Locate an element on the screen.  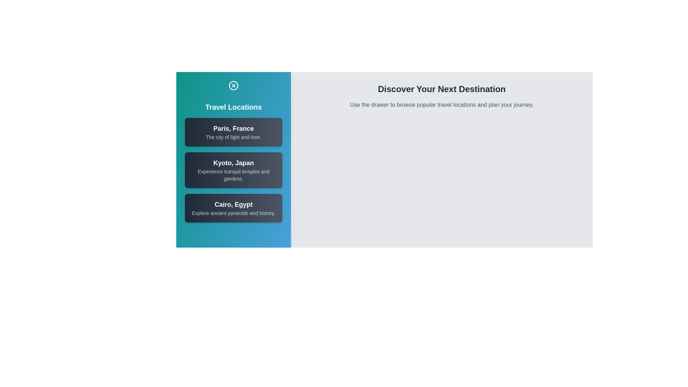
the location item corresponding to Cairo, Egypt is located at coordinates (234, 208).